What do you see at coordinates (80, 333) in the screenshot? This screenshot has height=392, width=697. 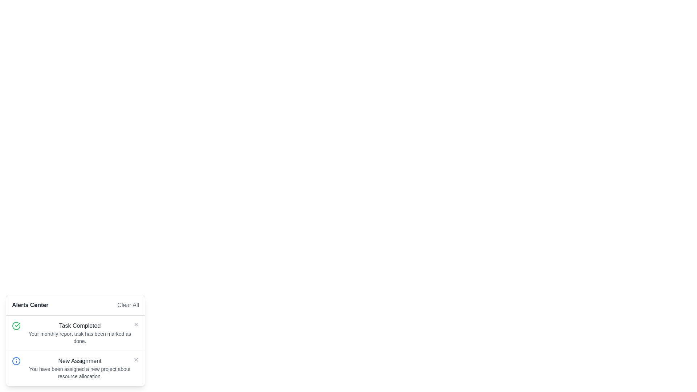 I see `the text display element that shows 'Task Completed' and 'Your monthly report task has been marked as done' in the Alerts Center notification card` at bounding box center [80, 333].